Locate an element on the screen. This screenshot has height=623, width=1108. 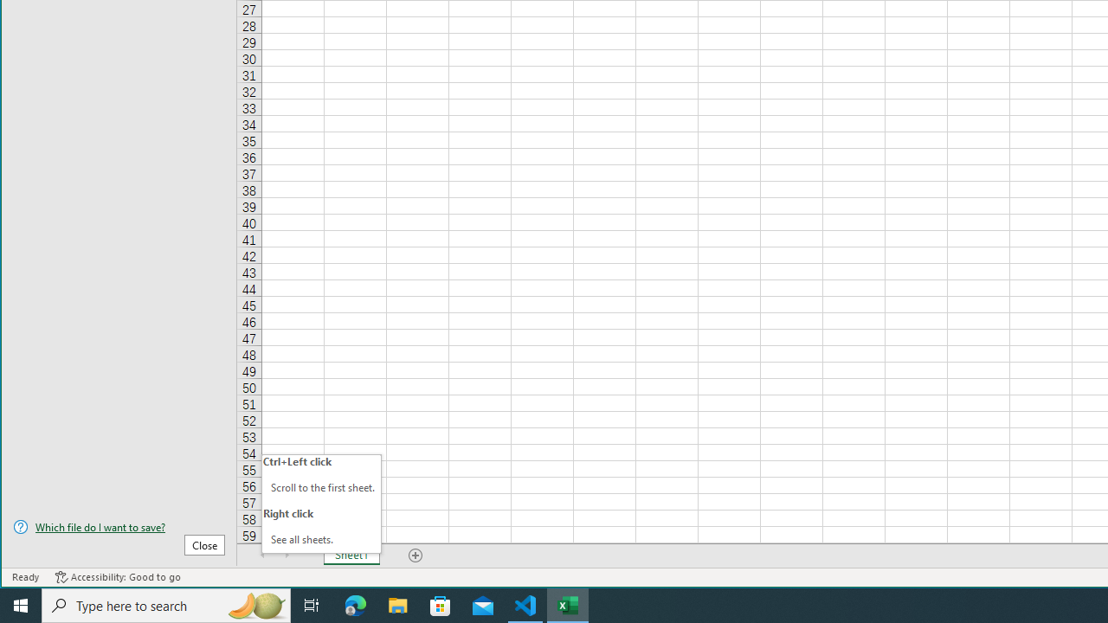
'Start' is located at coordinates (21, 604).